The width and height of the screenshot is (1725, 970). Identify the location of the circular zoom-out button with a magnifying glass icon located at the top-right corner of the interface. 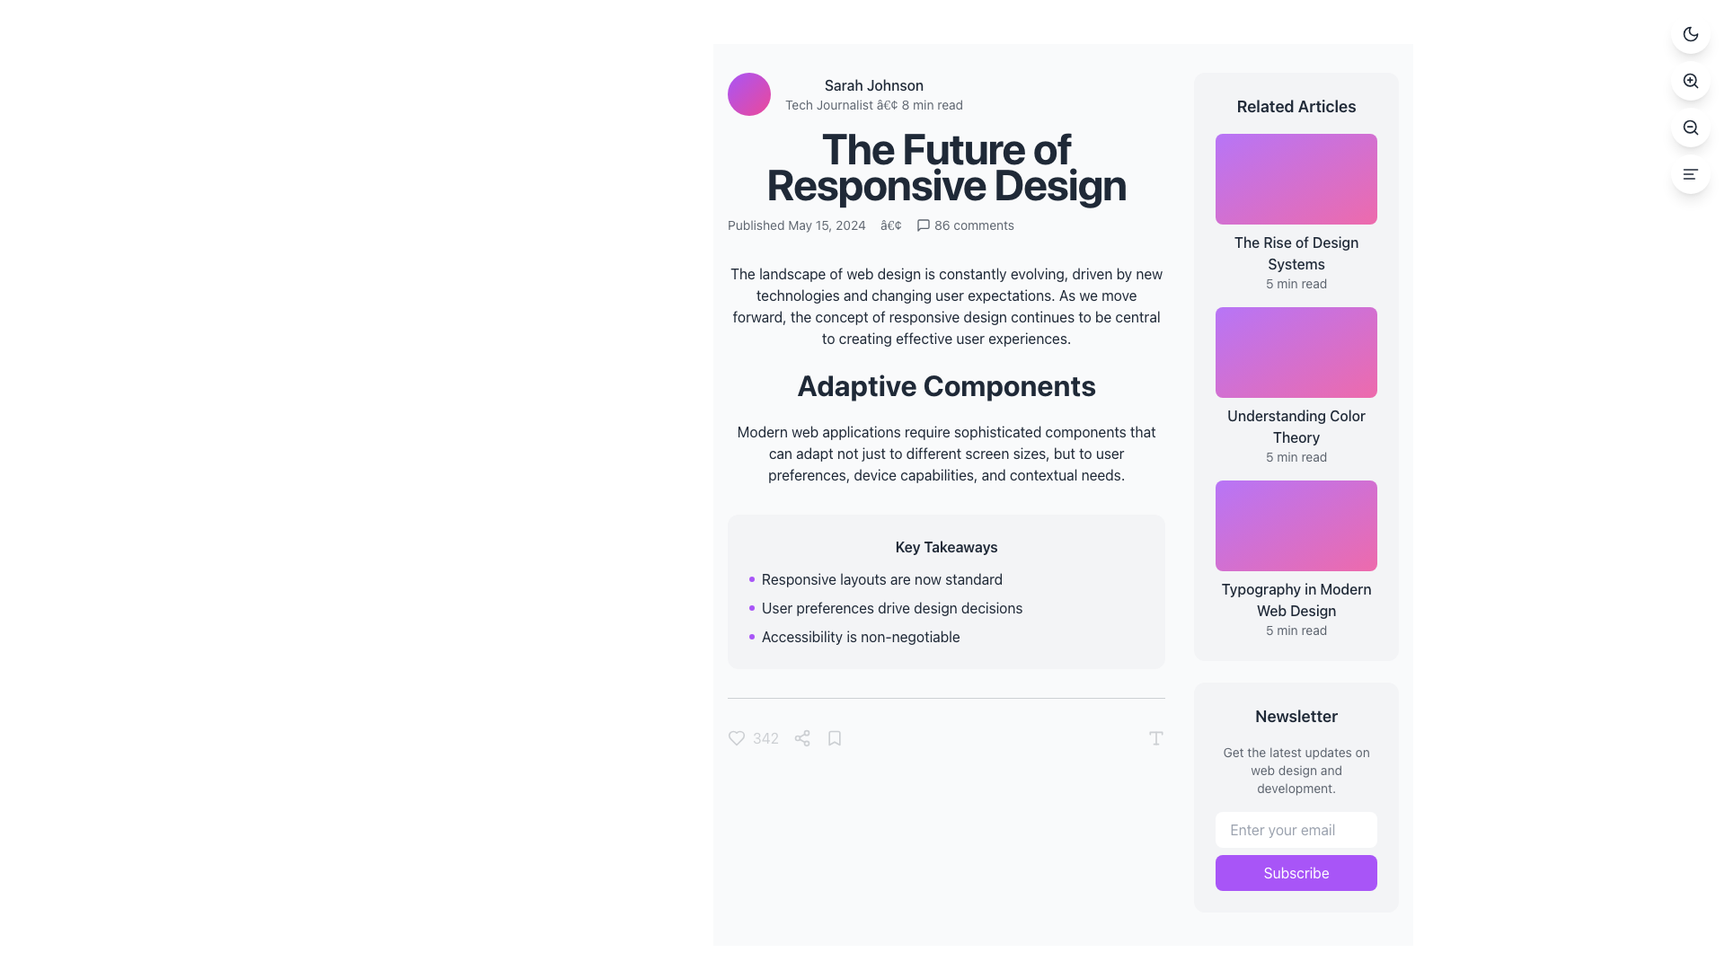
(1689, 127).